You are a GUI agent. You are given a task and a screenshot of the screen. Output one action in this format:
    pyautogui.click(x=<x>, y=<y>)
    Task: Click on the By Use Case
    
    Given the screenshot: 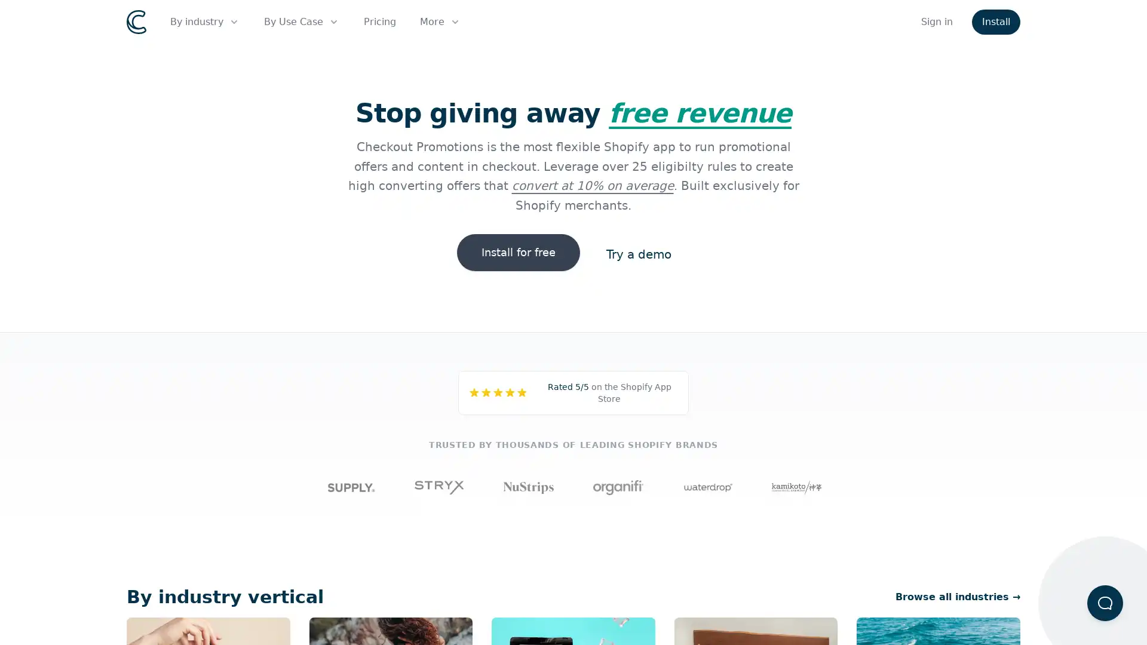 What is the action you would take?
    pyautogui.click(x=302, y=22)
    